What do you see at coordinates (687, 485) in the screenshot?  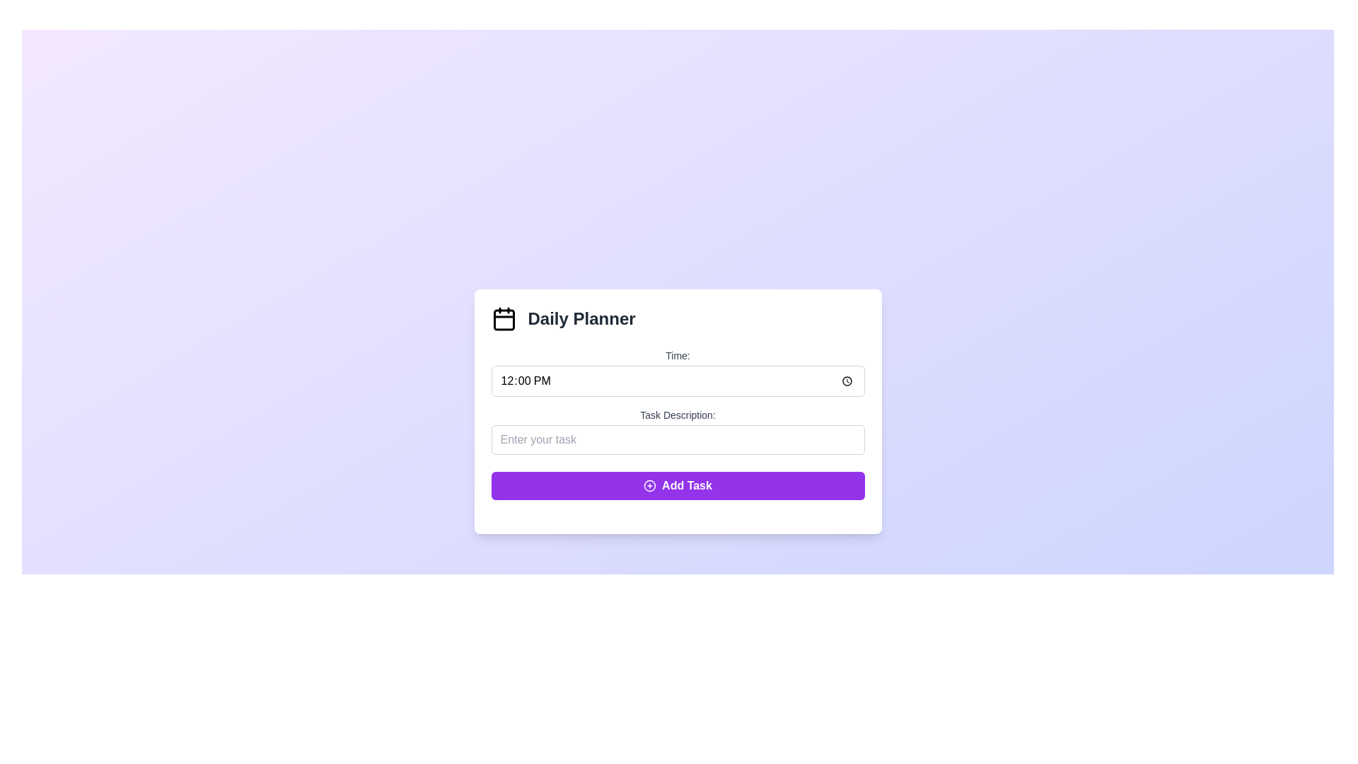 I see `the actionable text label within the purple button at the bottom of the 'Daily Planner' form` at bounding box center [687, 485].